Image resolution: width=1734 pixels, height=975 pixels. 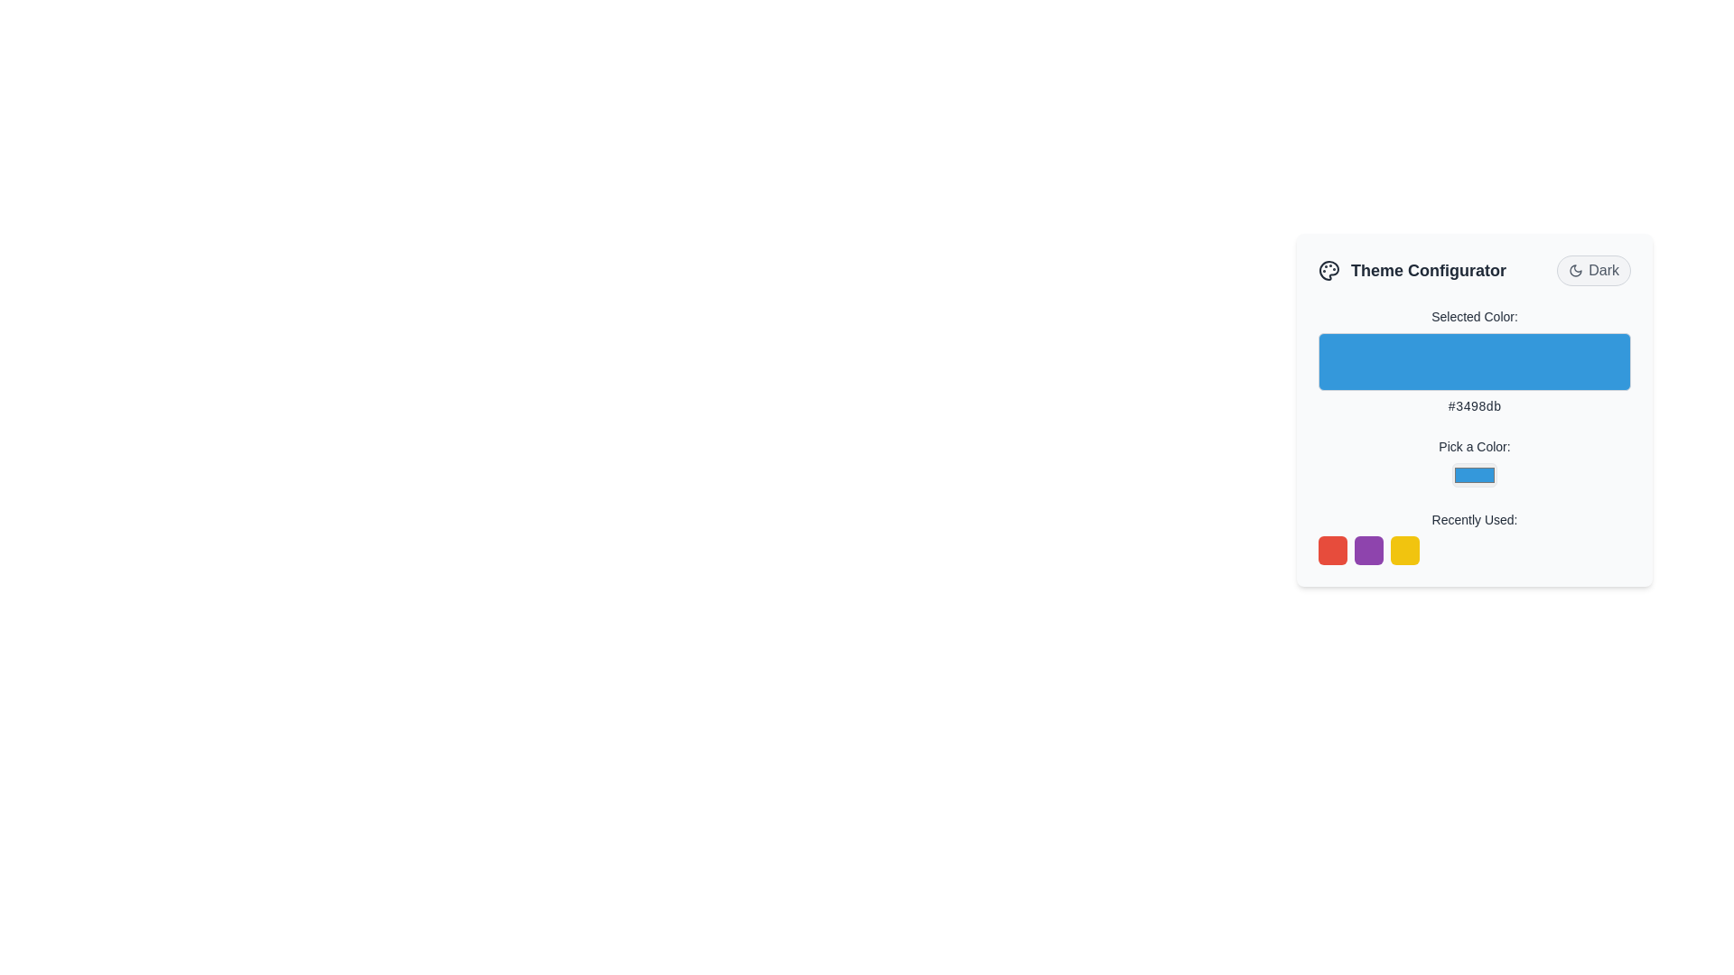 What do you see at coordinates (1329, 271) in the screenshot?
I see `the circular palette icon located to the left of the 'Theme Configurator' text in the header section of the 'Theme Configurator' panel` at bounding box center [1329, 271].